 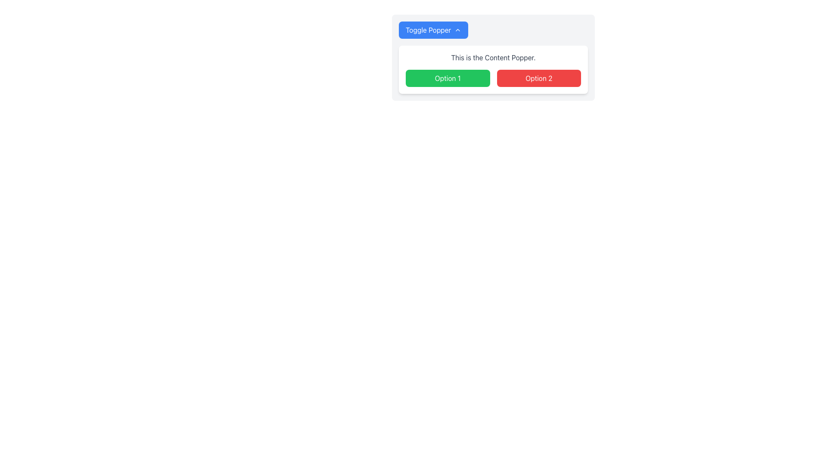 I want to click on the 'Option 2' button, which is the second button in a horizontal layout next to the 'Option 1' button, so click(x=538, y=78).